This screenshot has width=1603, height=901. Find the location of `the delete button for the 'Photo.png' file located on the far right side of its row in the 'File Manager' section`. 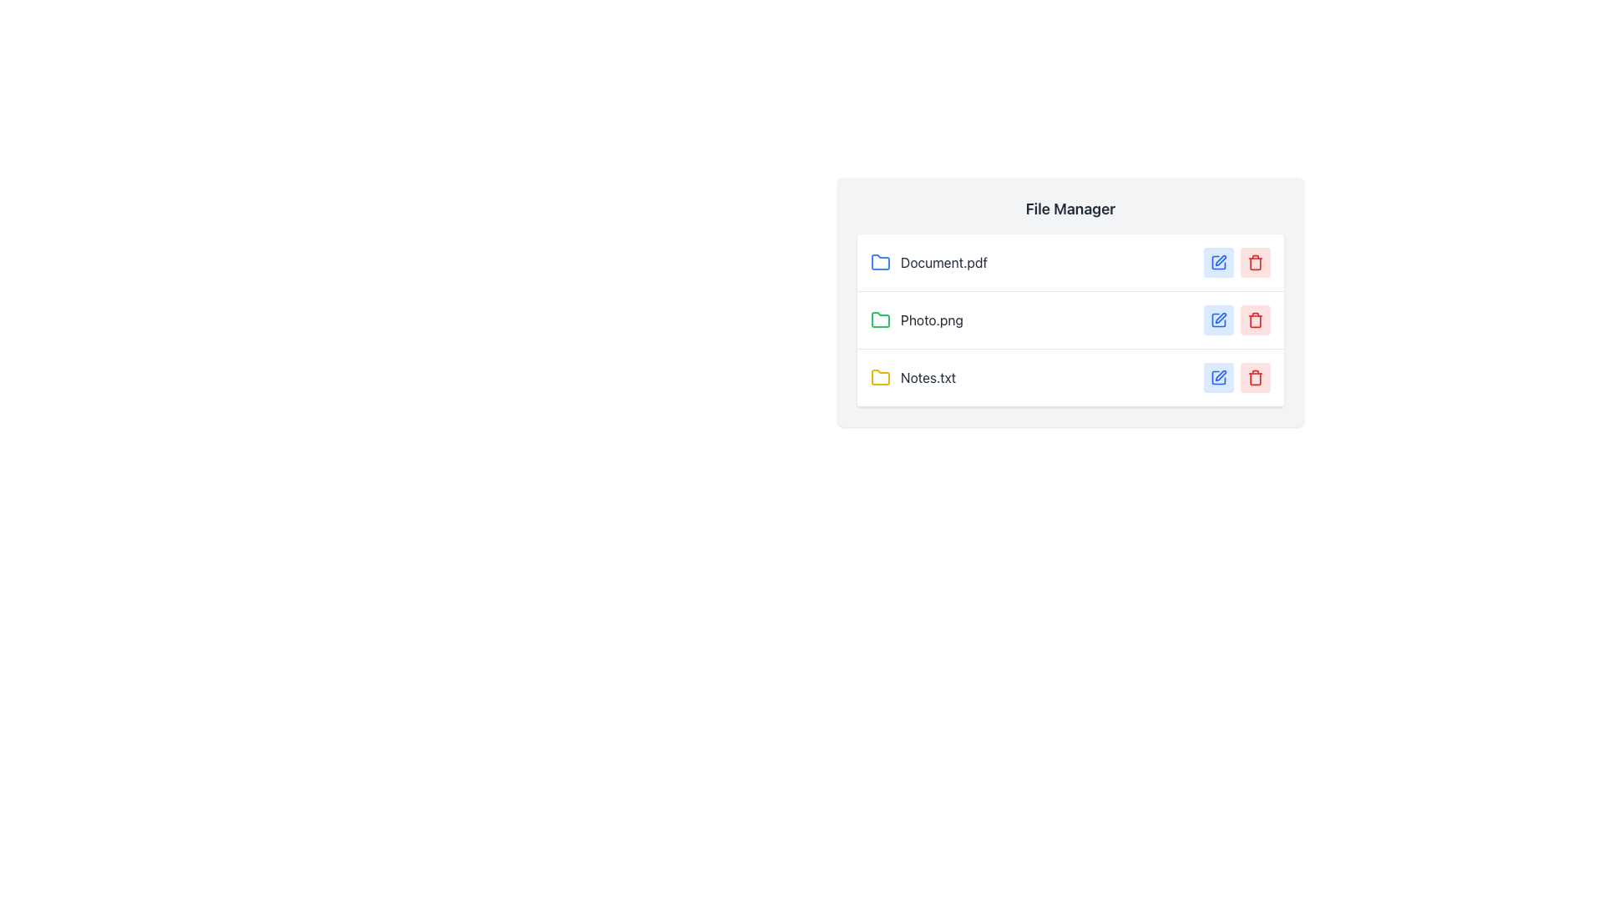

the delete button for the 'Photo.png' file located on the far right side of its row in the 'File Manager' section is located at coordinates (1255, 320).